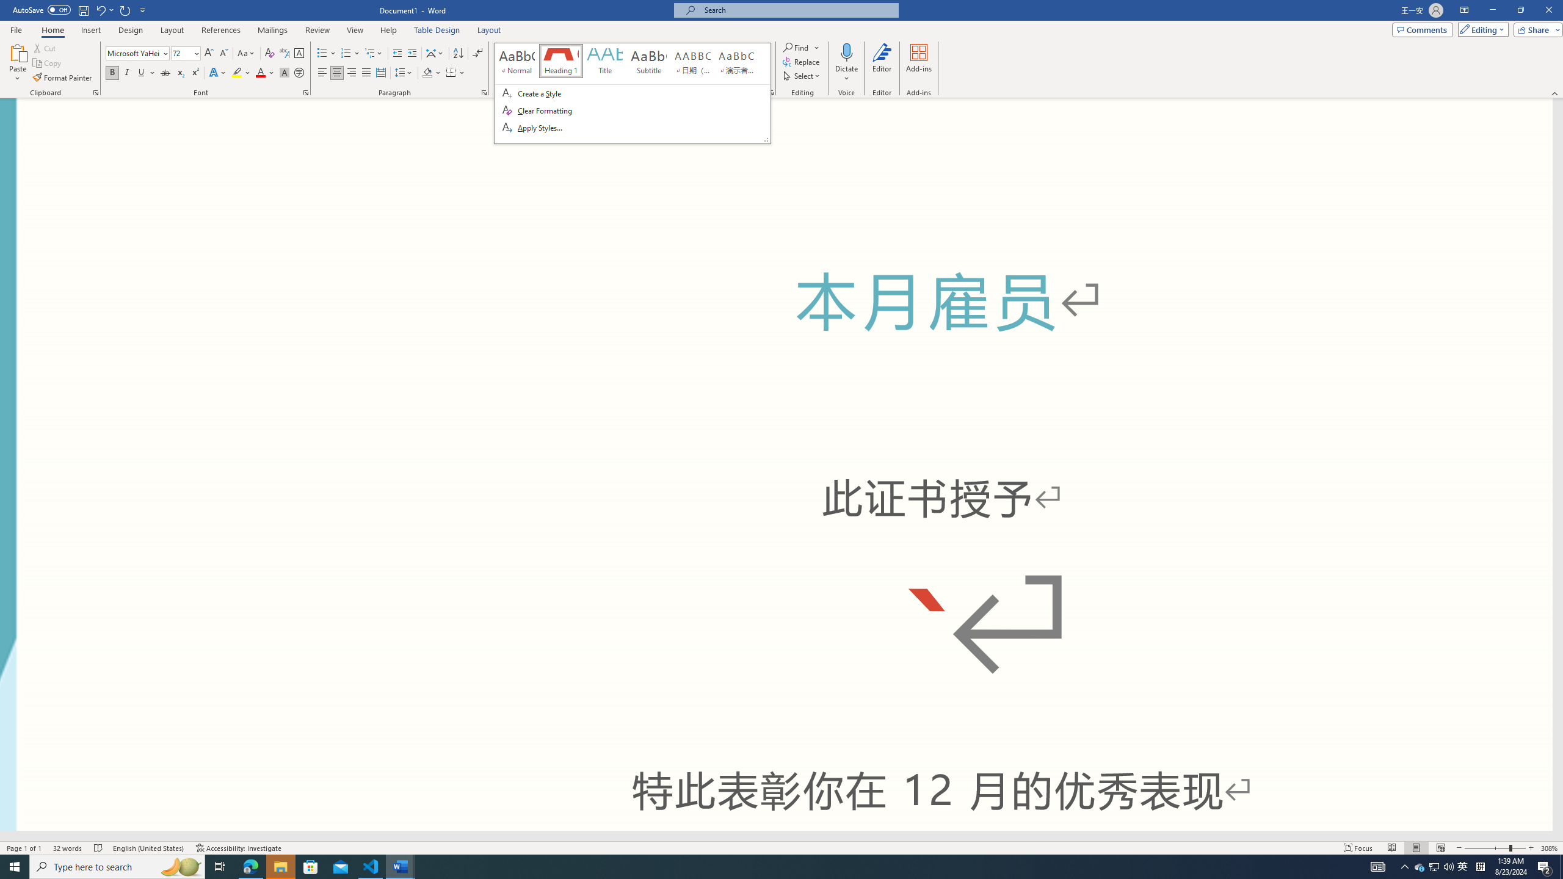 This screenshot has height=879, width=1563. What do you see at coordinates (117, 866) in the screenshot?
I see `'Type here to search'` at bounding box center [117, 866].